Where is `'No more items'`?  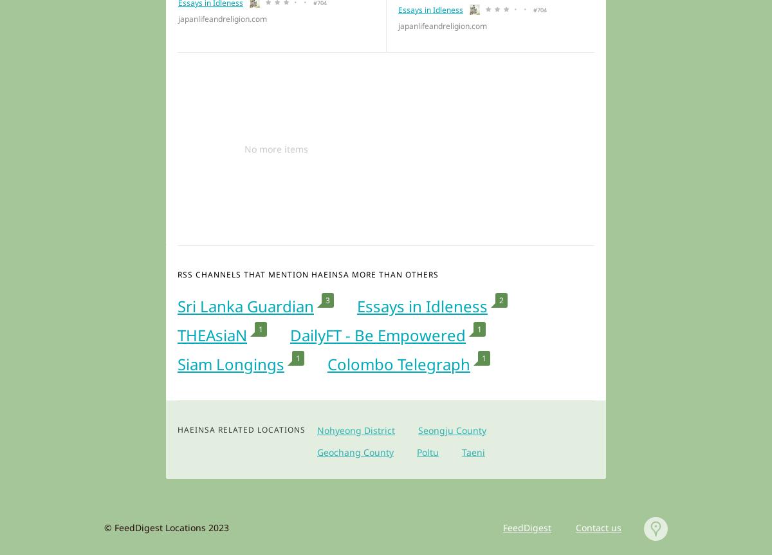 'No more items' is located at coordinates (276, 147).